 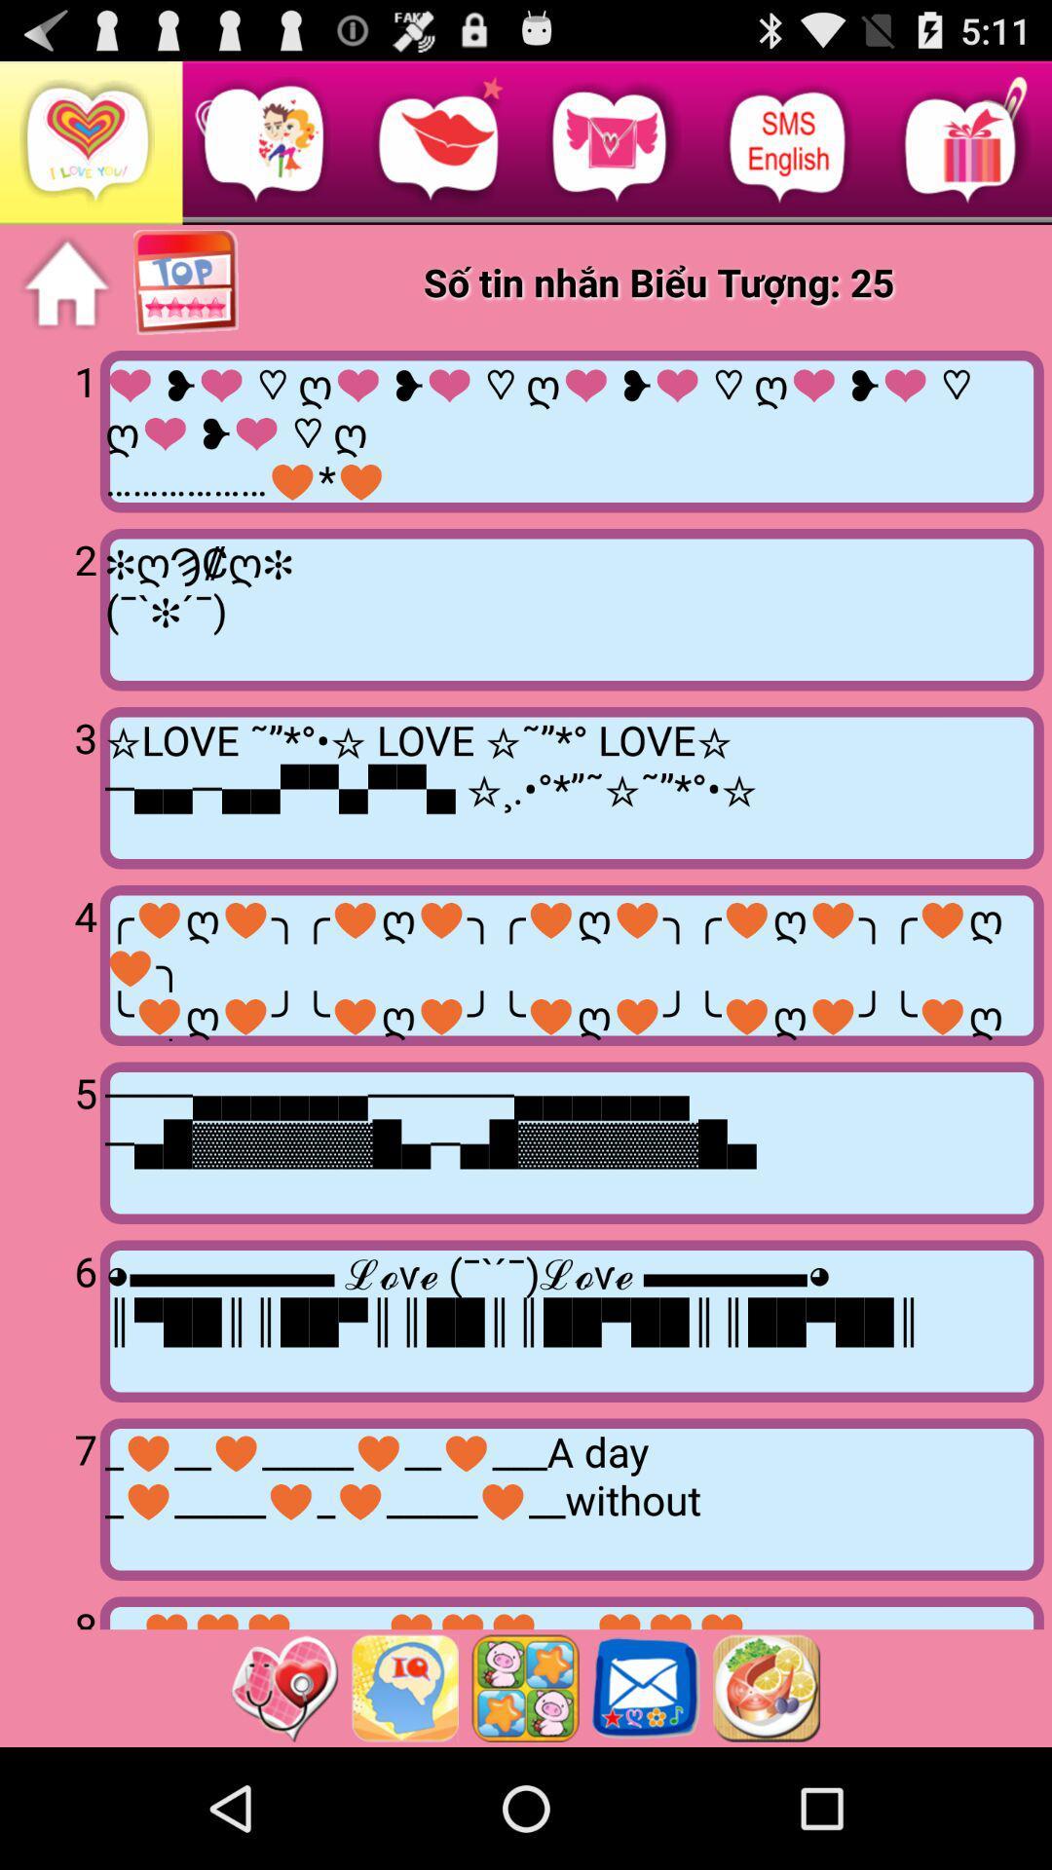 I want to click on show top rated items, so click(x=187, y=282).